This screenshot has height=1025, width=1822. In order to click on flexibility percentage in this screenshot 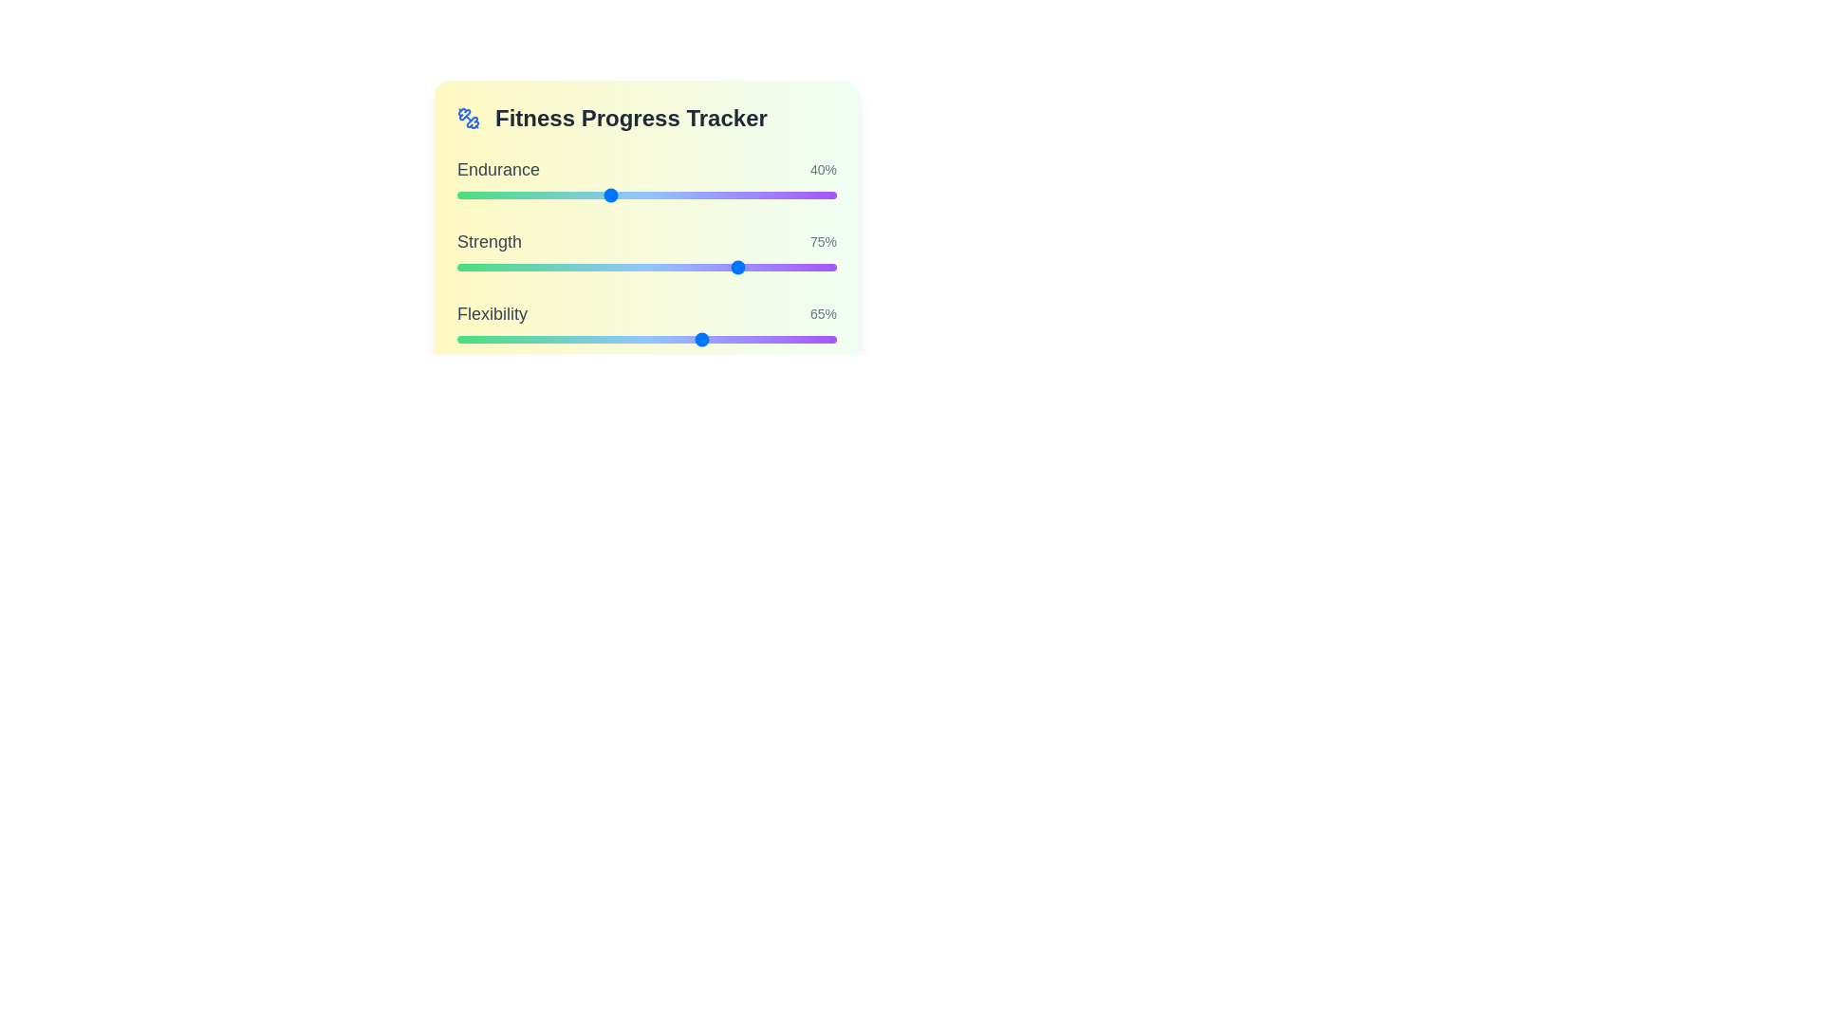, I will do `click(582, 339)`.